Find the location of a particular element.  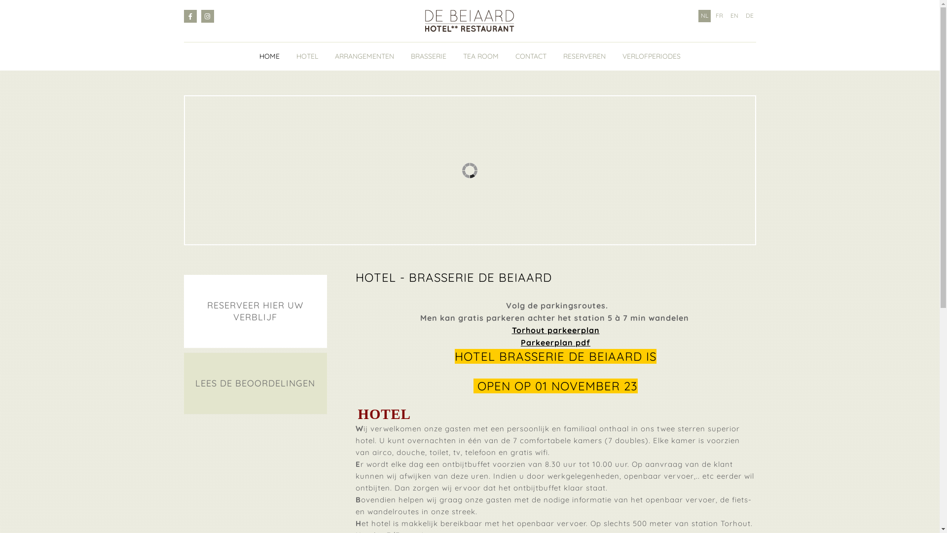

'VERLOFPERIODES' is located at coordinates (651, 56).